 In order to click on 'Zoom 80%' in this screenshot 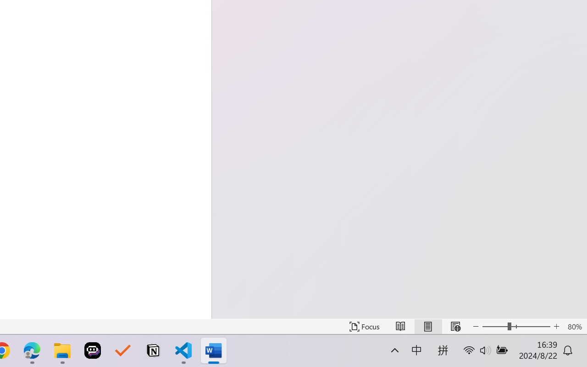, I will do `click(574, 326)`.